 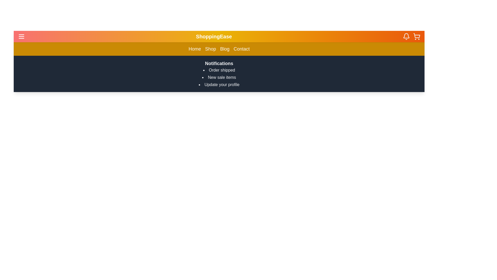 What do you see at coordinates (219, 36) in the screenshot?
I see `the branding header text label displaying 'ShoppingEase', which is centrally located at the top section of the interface` at bounding box center [219, 36].